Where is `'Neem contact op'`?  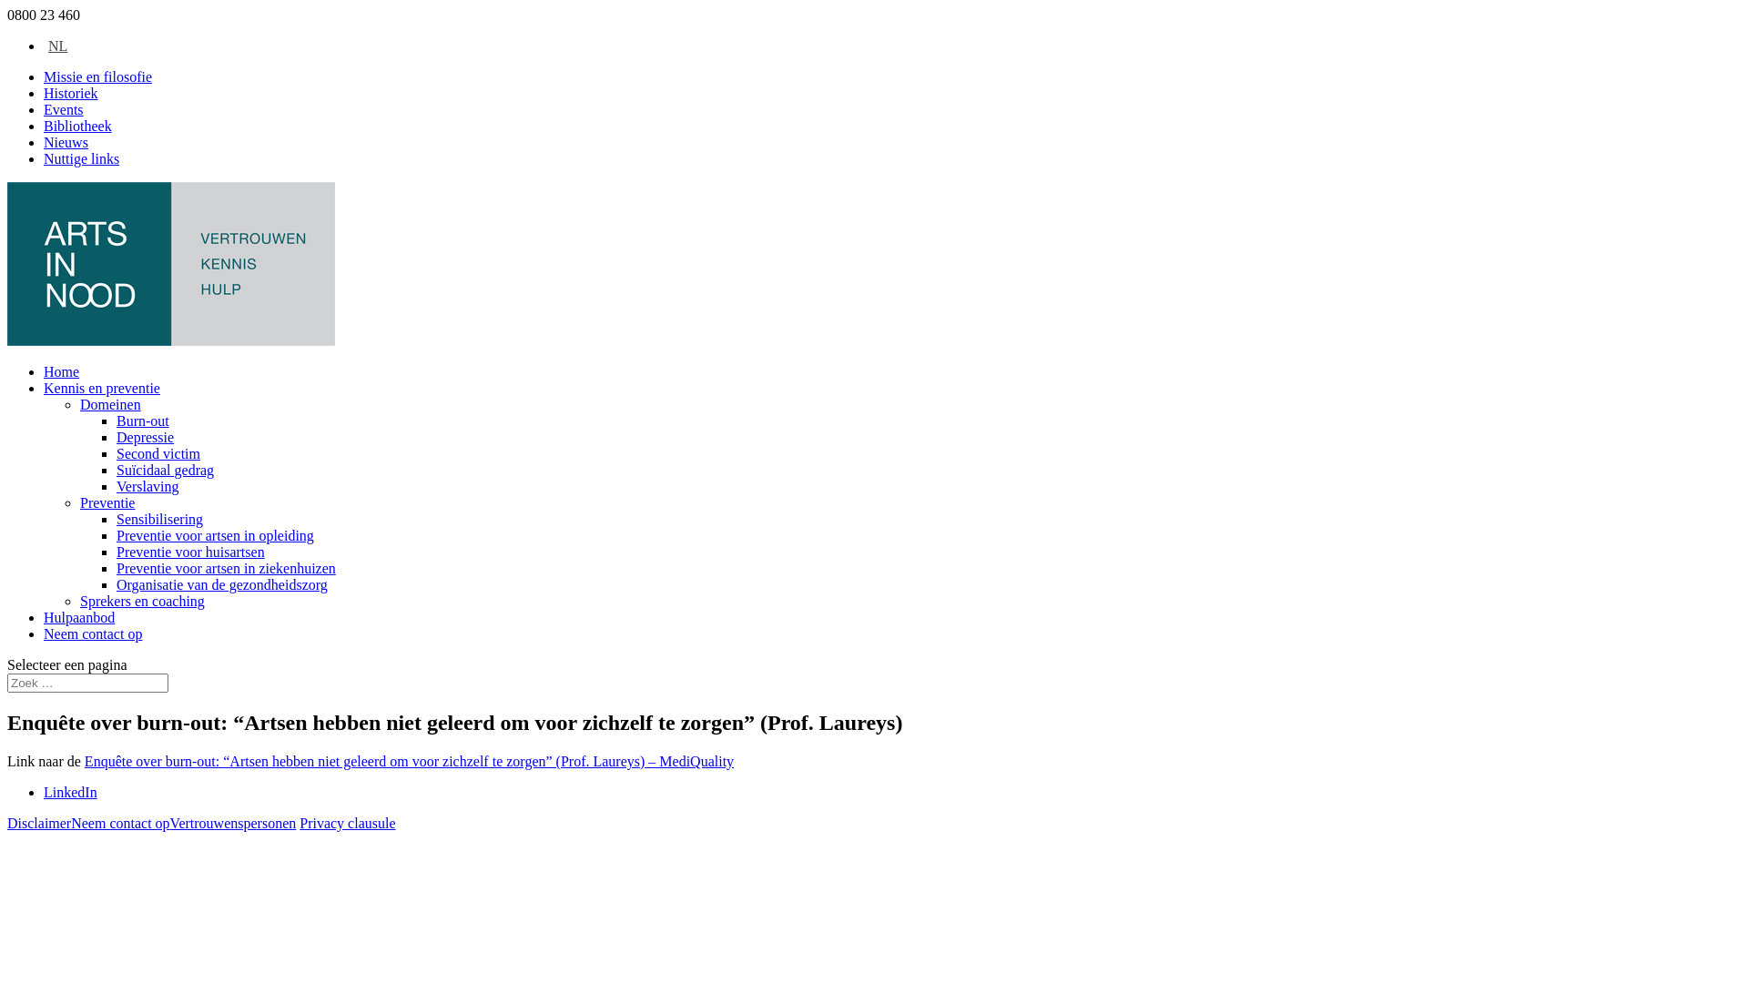
'Neem contact op' is located at coordinates (119, 823).